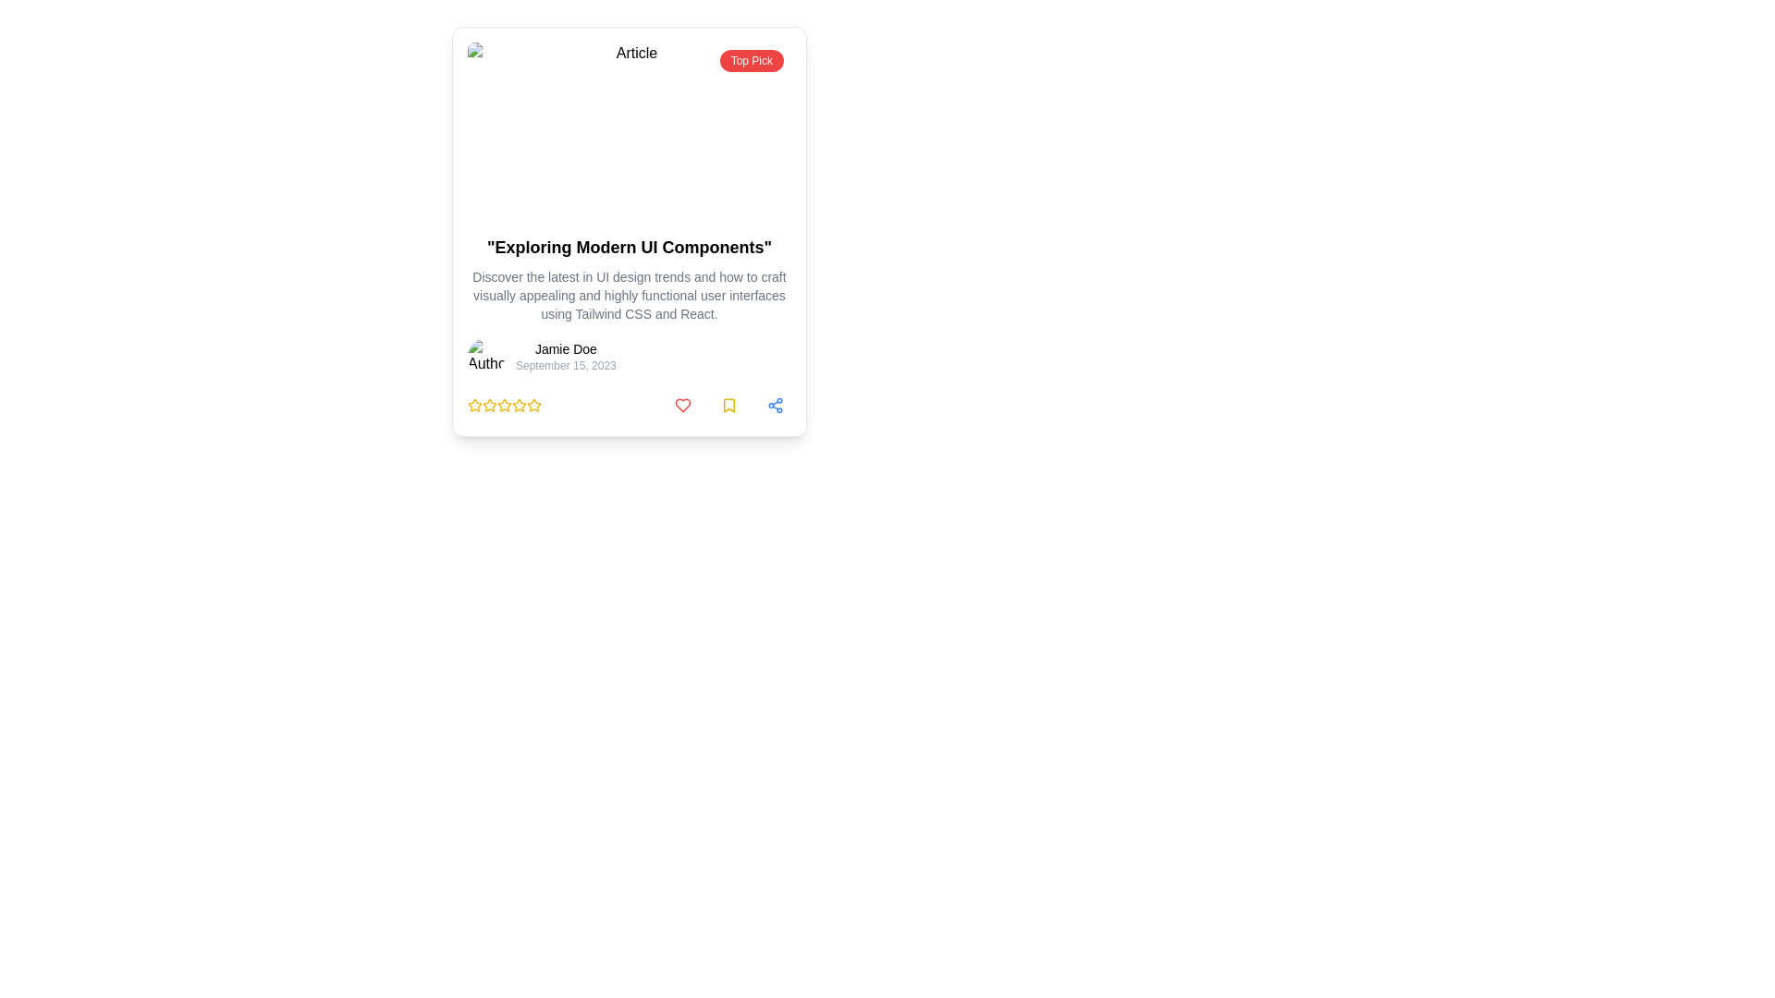  I want to click on the Badge element located at the upper-right corner of the article card, which serves, so click(752, 59).